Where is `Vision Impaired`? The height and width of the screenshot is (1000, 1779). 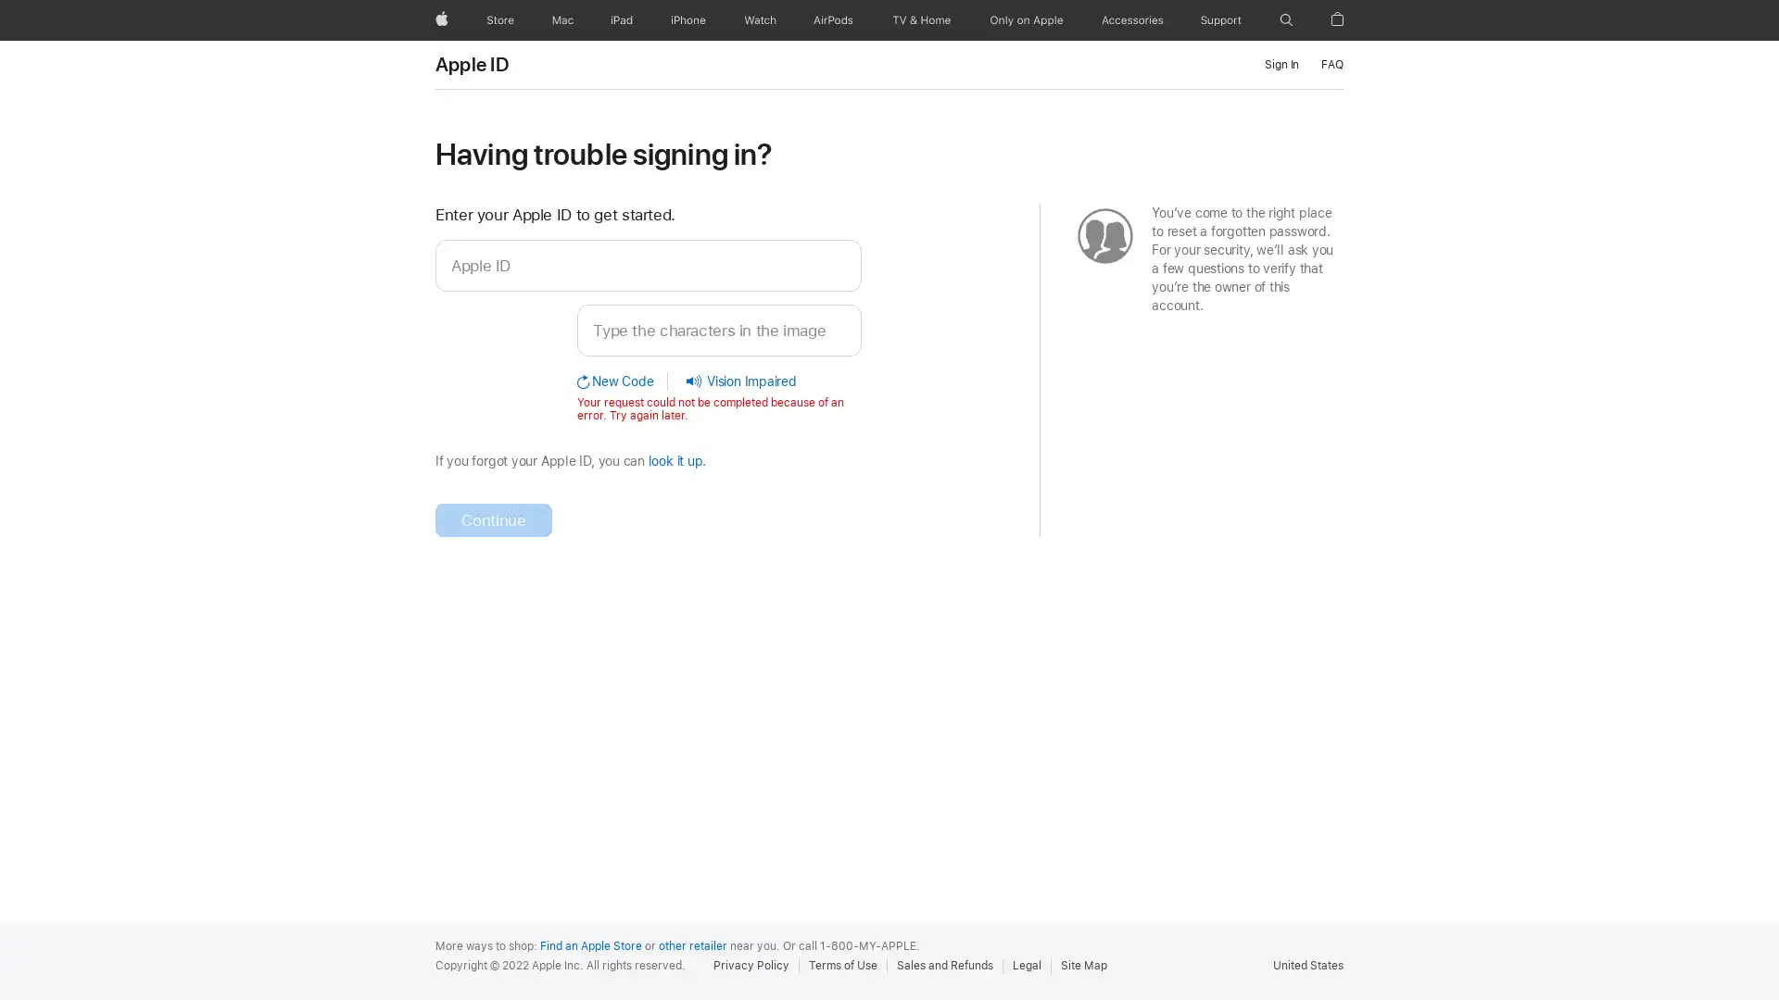 Vision Impaired is located at coordinates (733, 380).